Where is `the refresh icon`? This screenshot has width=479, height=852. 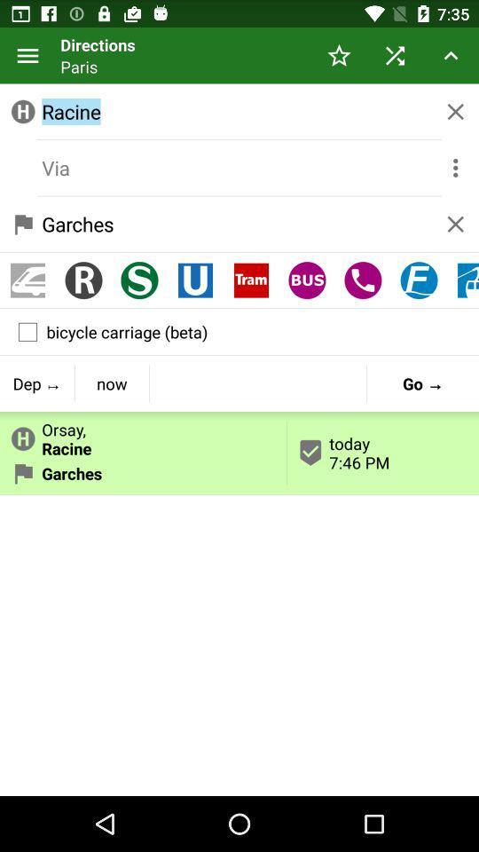
the refresh icon is located at coordinates (138, 300).